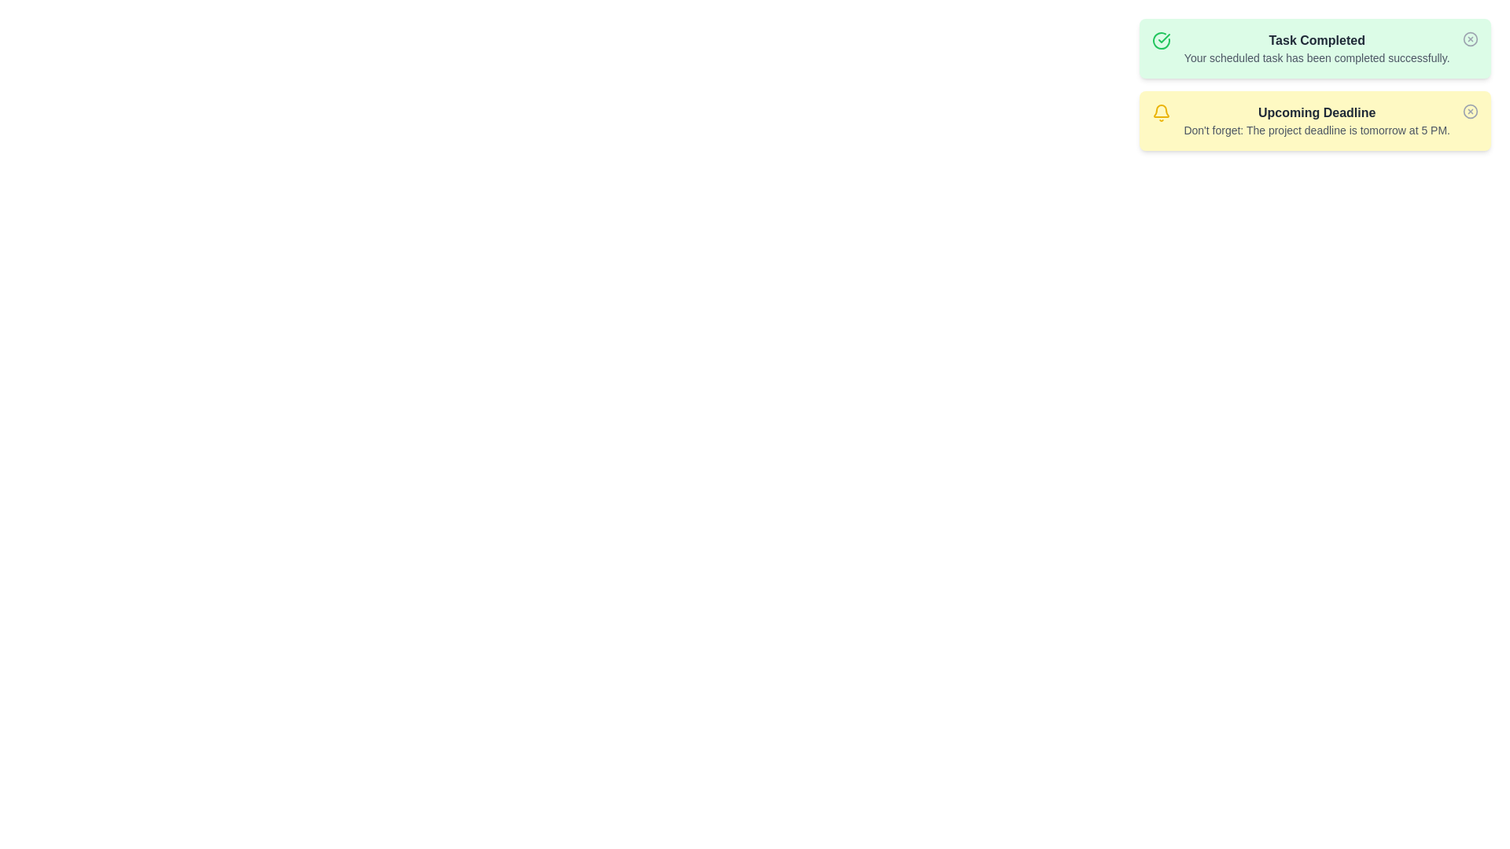 Image resolution: width=1510 pixels, height=849 pixels. What do you see at coordinates (1317, 39) in the screenshot?
I see `the alert title 'Task Completed' to inspect it` at bounding box center [1317, 39].